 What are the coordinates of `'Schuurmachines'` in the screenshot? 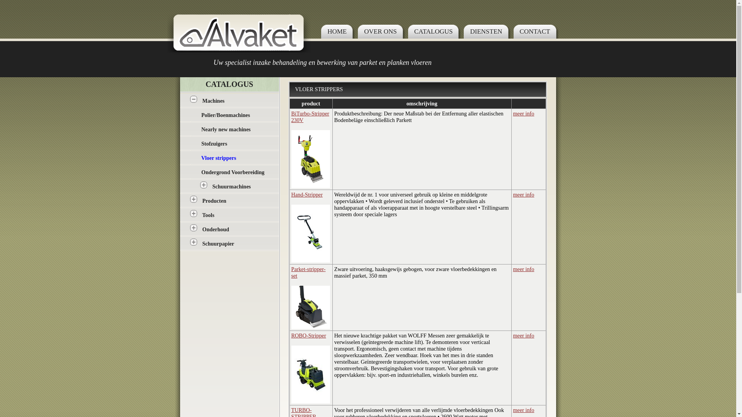 It's located at (231, 186).